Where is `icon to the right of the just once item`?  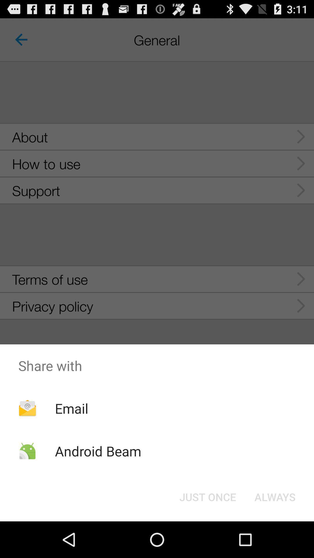
icon to the right of the just once item is located at coordinates (275, 496).